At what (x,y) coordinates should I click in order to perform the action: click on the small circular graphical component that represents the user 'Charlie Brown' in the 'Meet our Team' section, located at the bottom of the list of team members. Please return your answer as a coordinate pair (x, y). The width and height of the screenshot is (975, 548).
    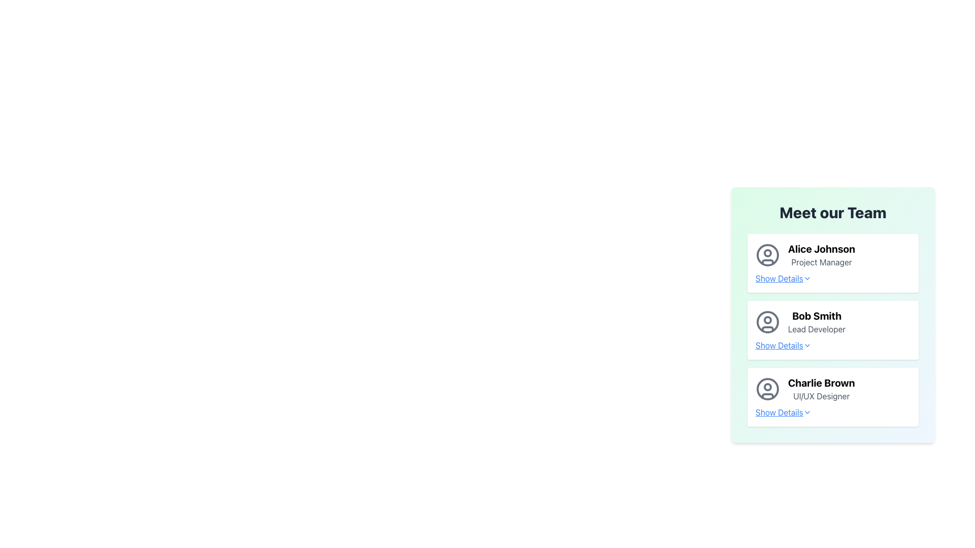
    Looking at the image, I should click on (768, 387).